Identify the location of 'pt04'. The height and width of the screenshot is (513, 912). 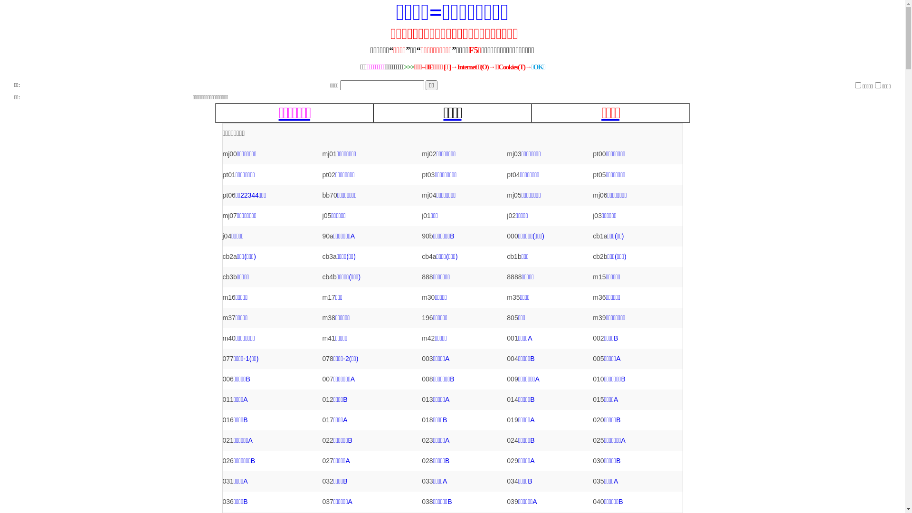
(513, 174).